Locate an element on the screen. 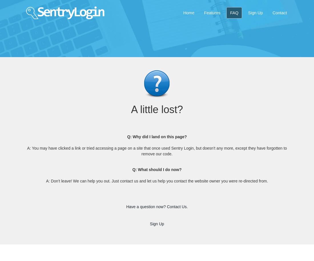 The height and width of the screenshot is (261, 314). 'Features' is located at coordinates (204, 13).